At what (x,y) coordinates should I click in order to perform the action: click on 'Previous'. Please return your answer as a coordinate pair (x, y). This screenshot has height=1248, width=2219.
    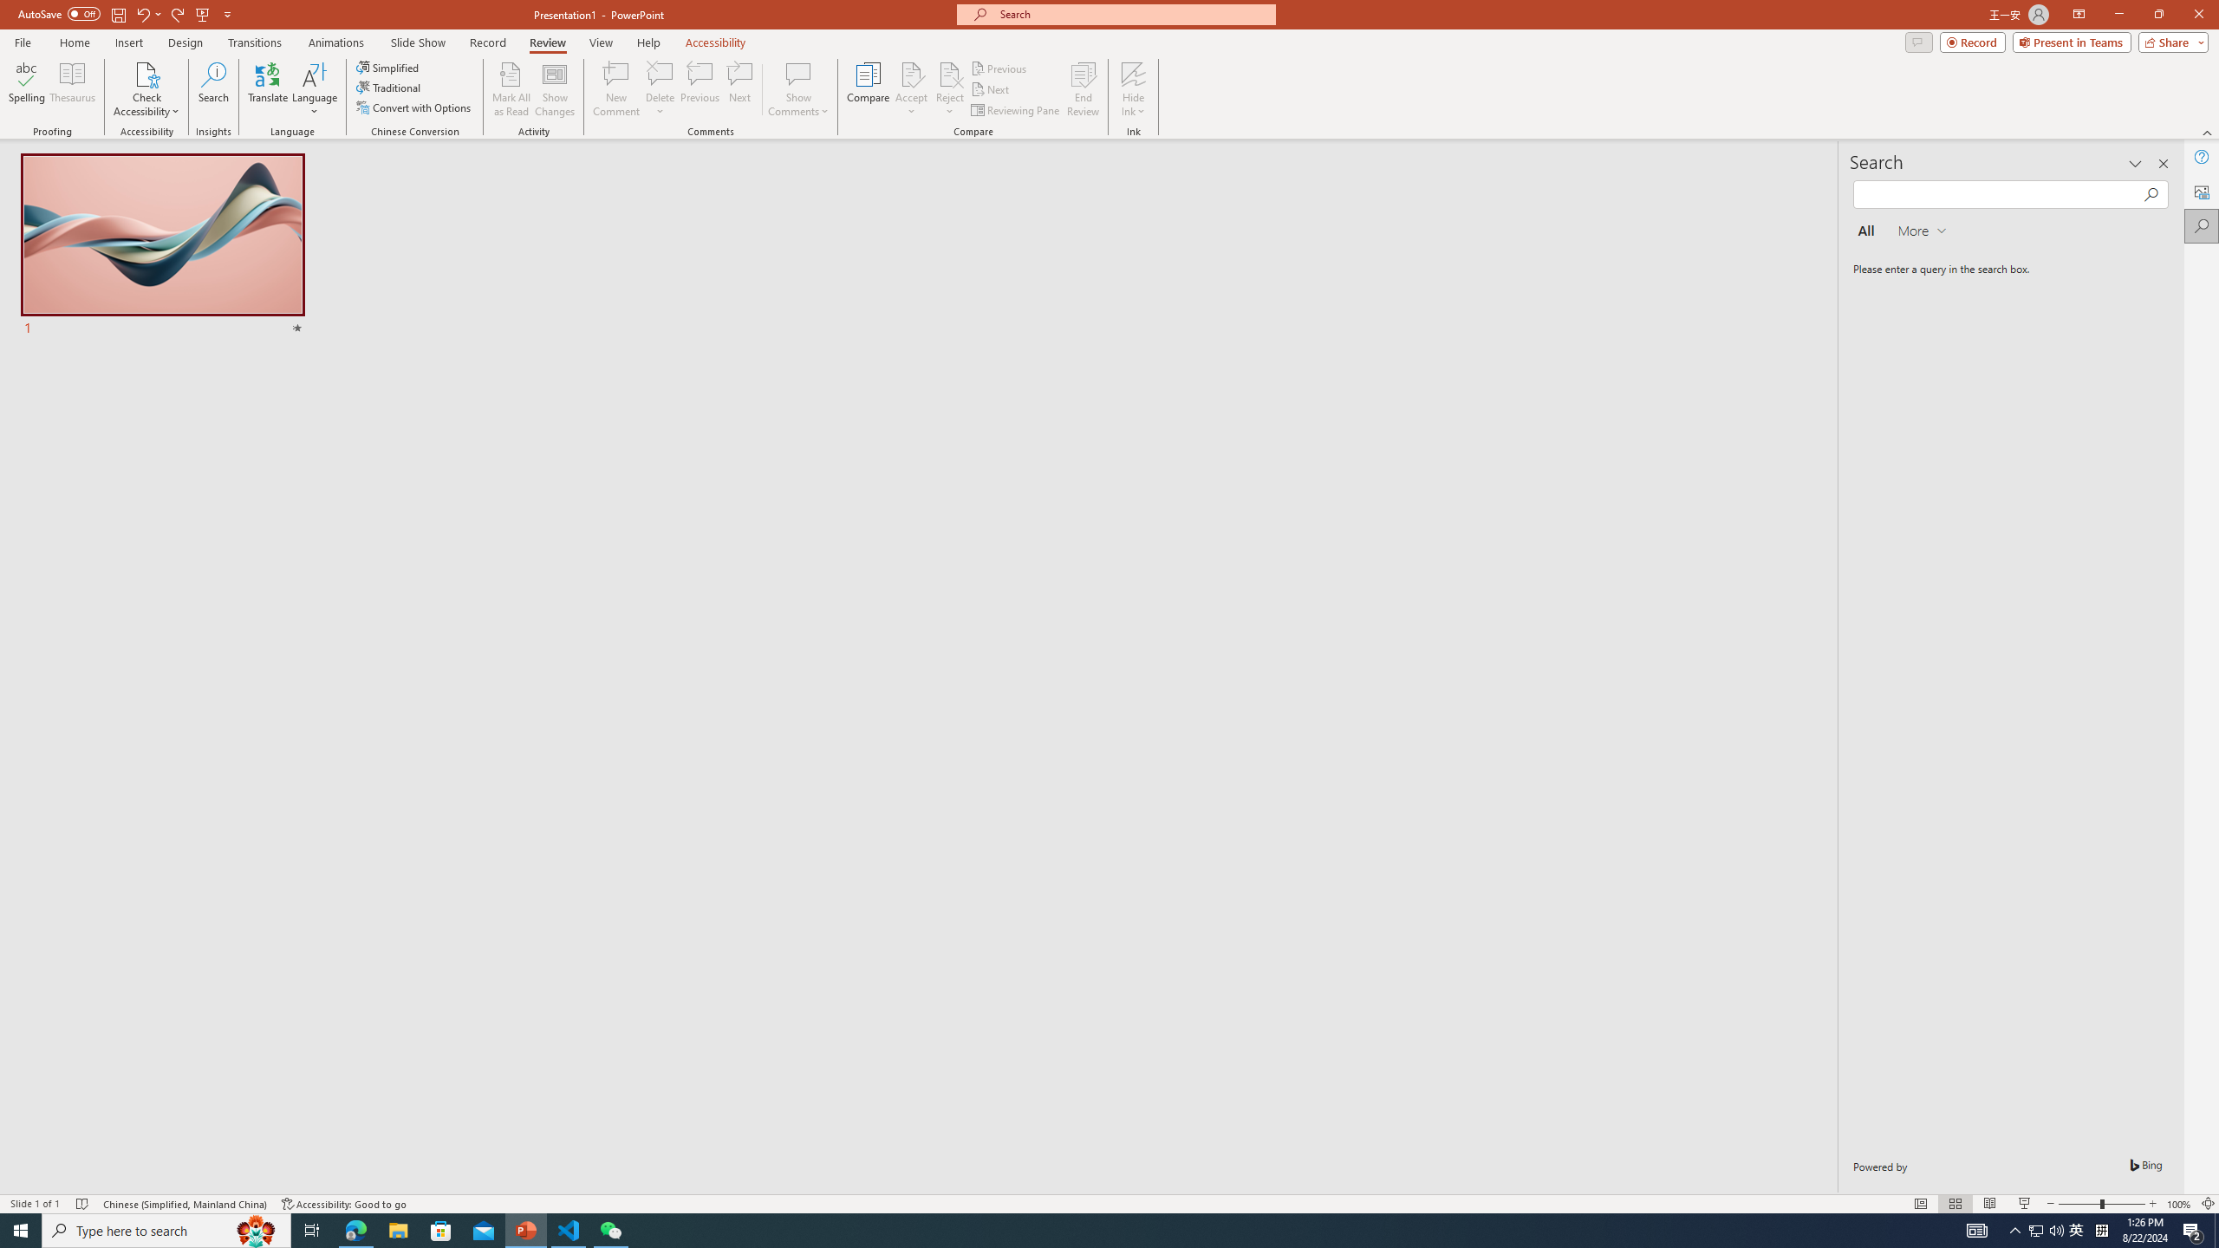
    Looking at the image, I should click on (999, 68).